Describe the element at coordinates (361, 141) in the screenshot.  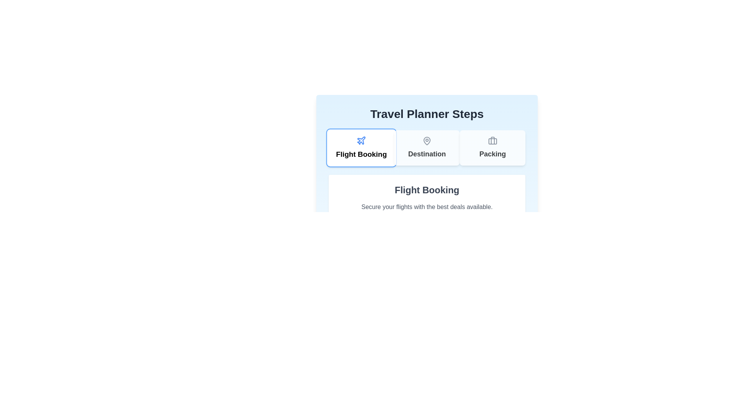
I see `the airplane icon within the 'Flight Booking' button in the active step of the stepper navigation` at that location.